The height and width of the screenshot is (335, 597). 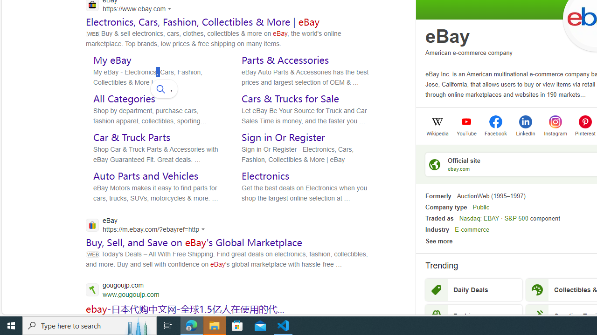 I want to click on 'Daily Deals', so click(x=473, y=289).